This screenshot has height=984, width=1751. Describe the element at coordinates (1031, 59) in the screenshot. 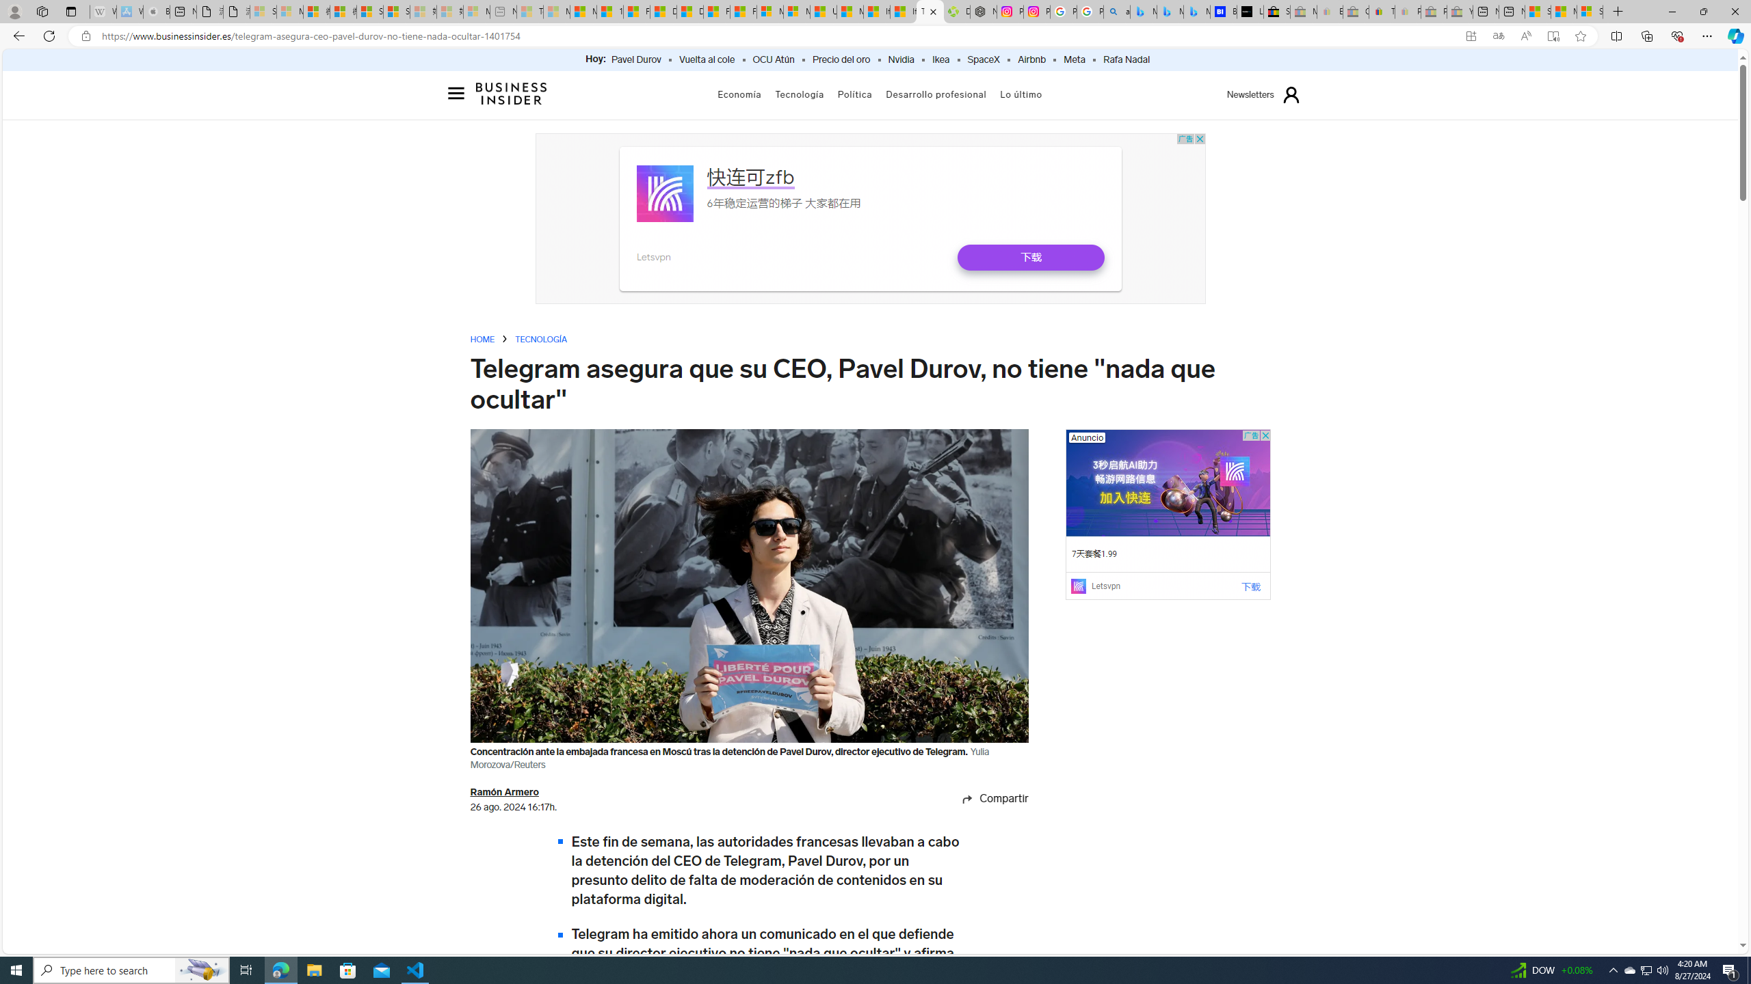

I see `'Airbnb'` at that location.